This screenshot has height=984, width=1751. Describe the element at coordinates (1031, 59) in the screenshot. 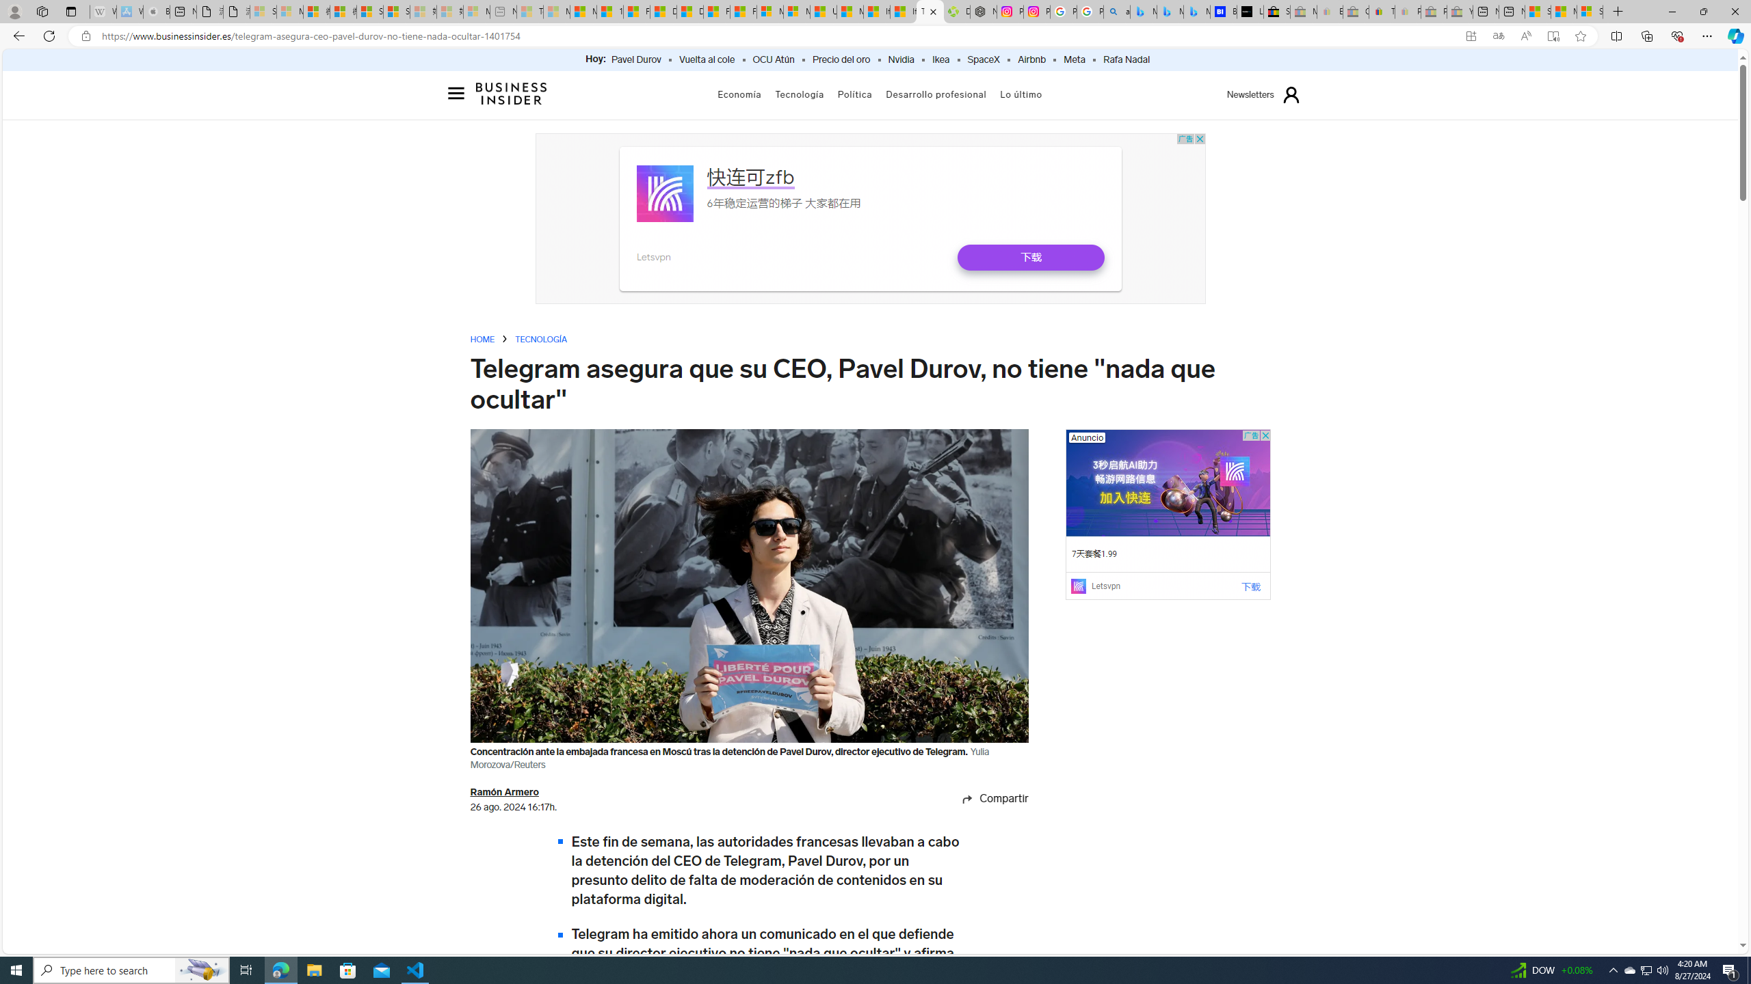

I see `'Airbnb'` at that location.